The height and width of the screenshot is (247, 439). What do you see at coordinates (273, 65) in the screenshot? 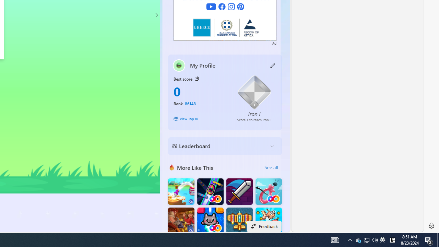
I see `'Class: button edit-icon'` at bounding box center [273, 65].